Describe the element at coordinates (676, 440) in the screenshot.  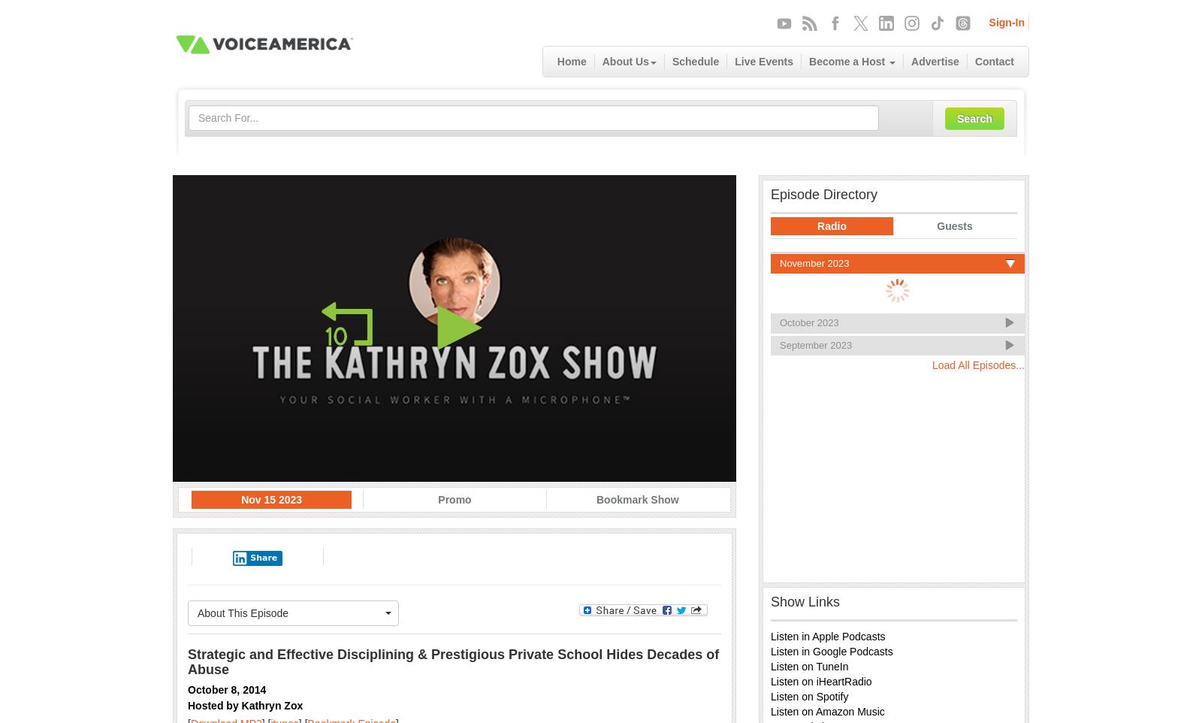
I see `'Settings'` at that location.